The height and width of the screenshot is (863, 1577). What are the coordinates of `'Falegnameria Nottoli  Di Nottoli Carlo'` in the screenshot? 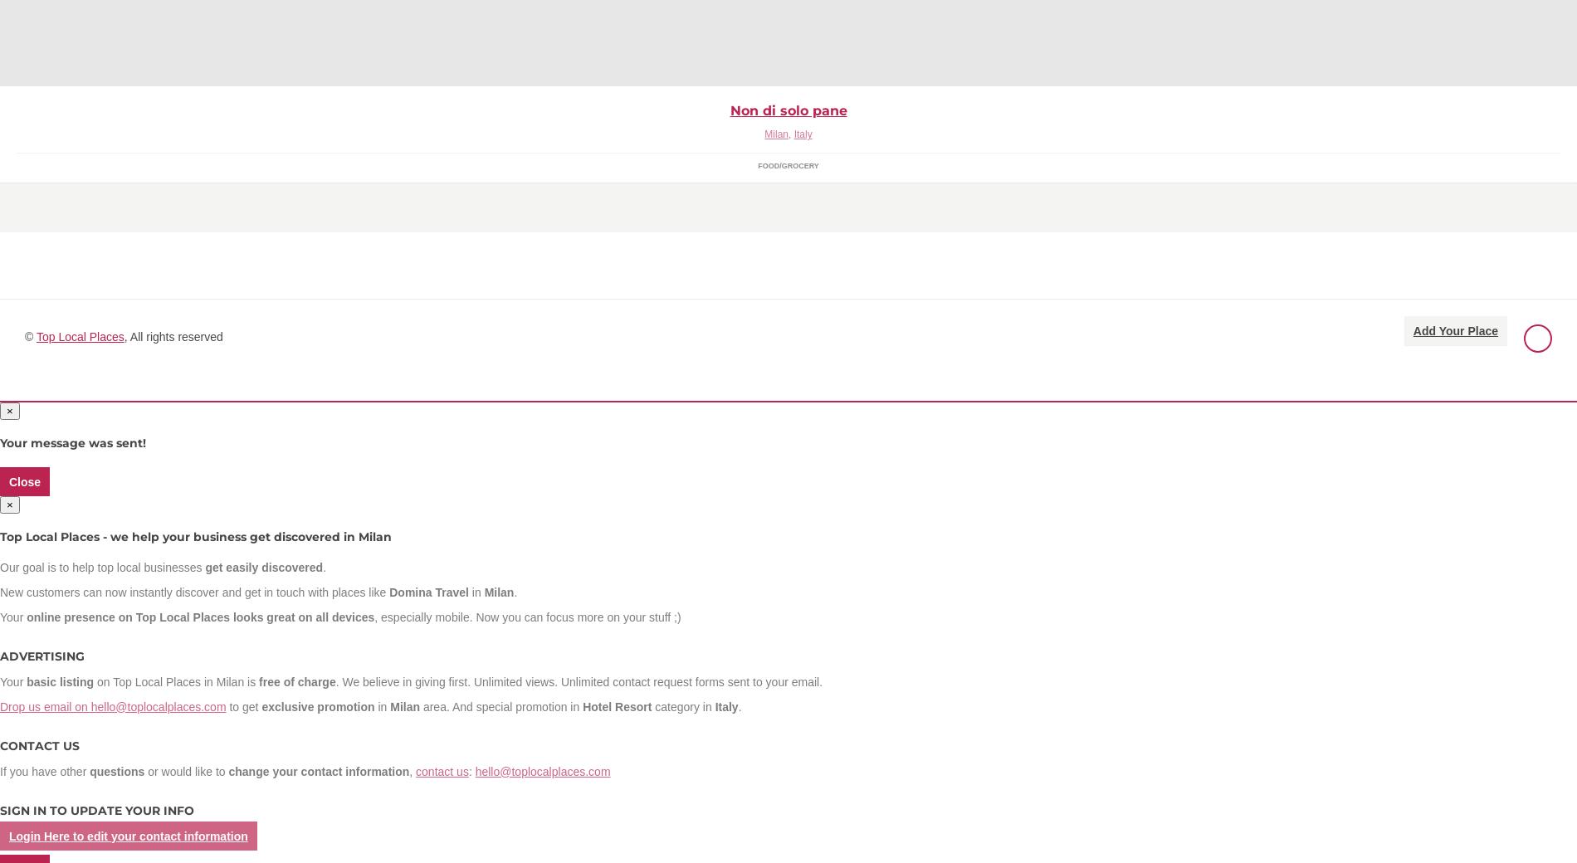 It's located at (130, 46).